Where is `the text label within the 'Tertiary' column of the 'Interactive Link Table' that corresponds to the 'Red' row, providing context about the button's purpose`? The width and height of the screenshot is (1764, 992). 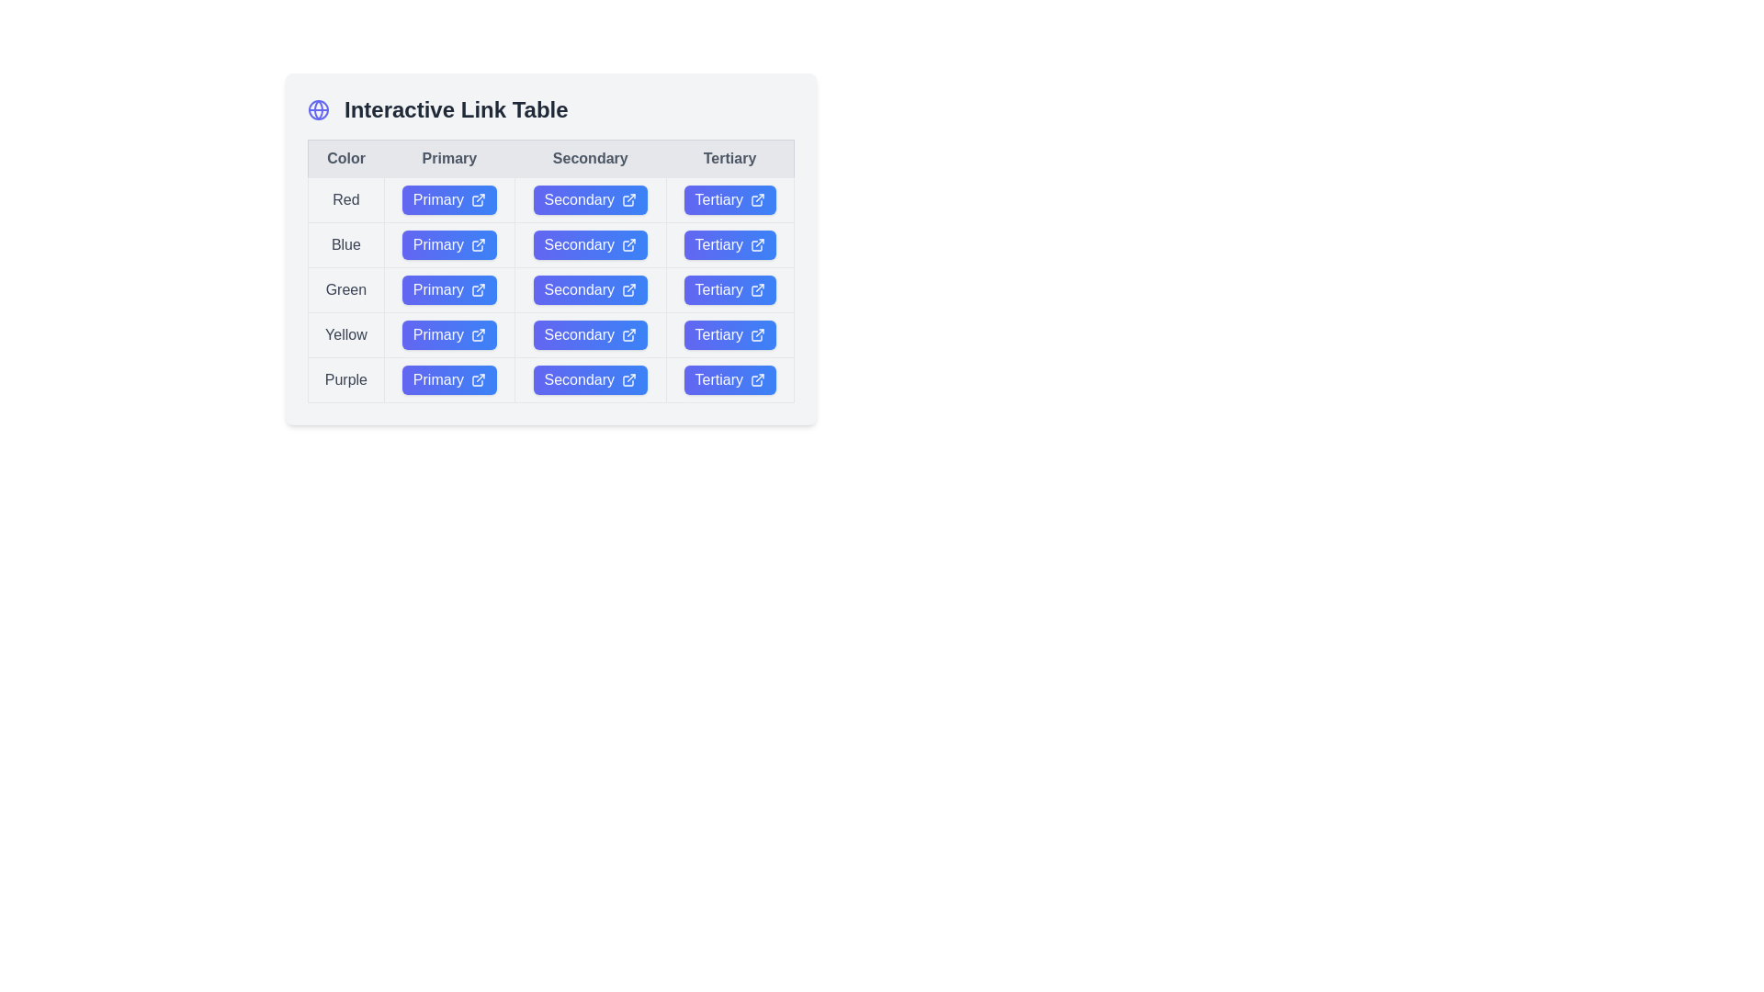 the text label within the 'Tertiary' column of the 'Interactive Link Table' that corresponds to the 'Red' row, providing context about the button's purpose is located at coordinates (718, 200).